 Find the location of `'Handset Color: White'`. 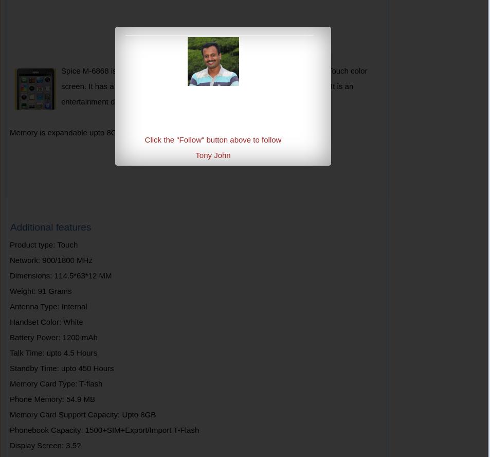

'Handset Color: White' is located at coordinates (45, 321).